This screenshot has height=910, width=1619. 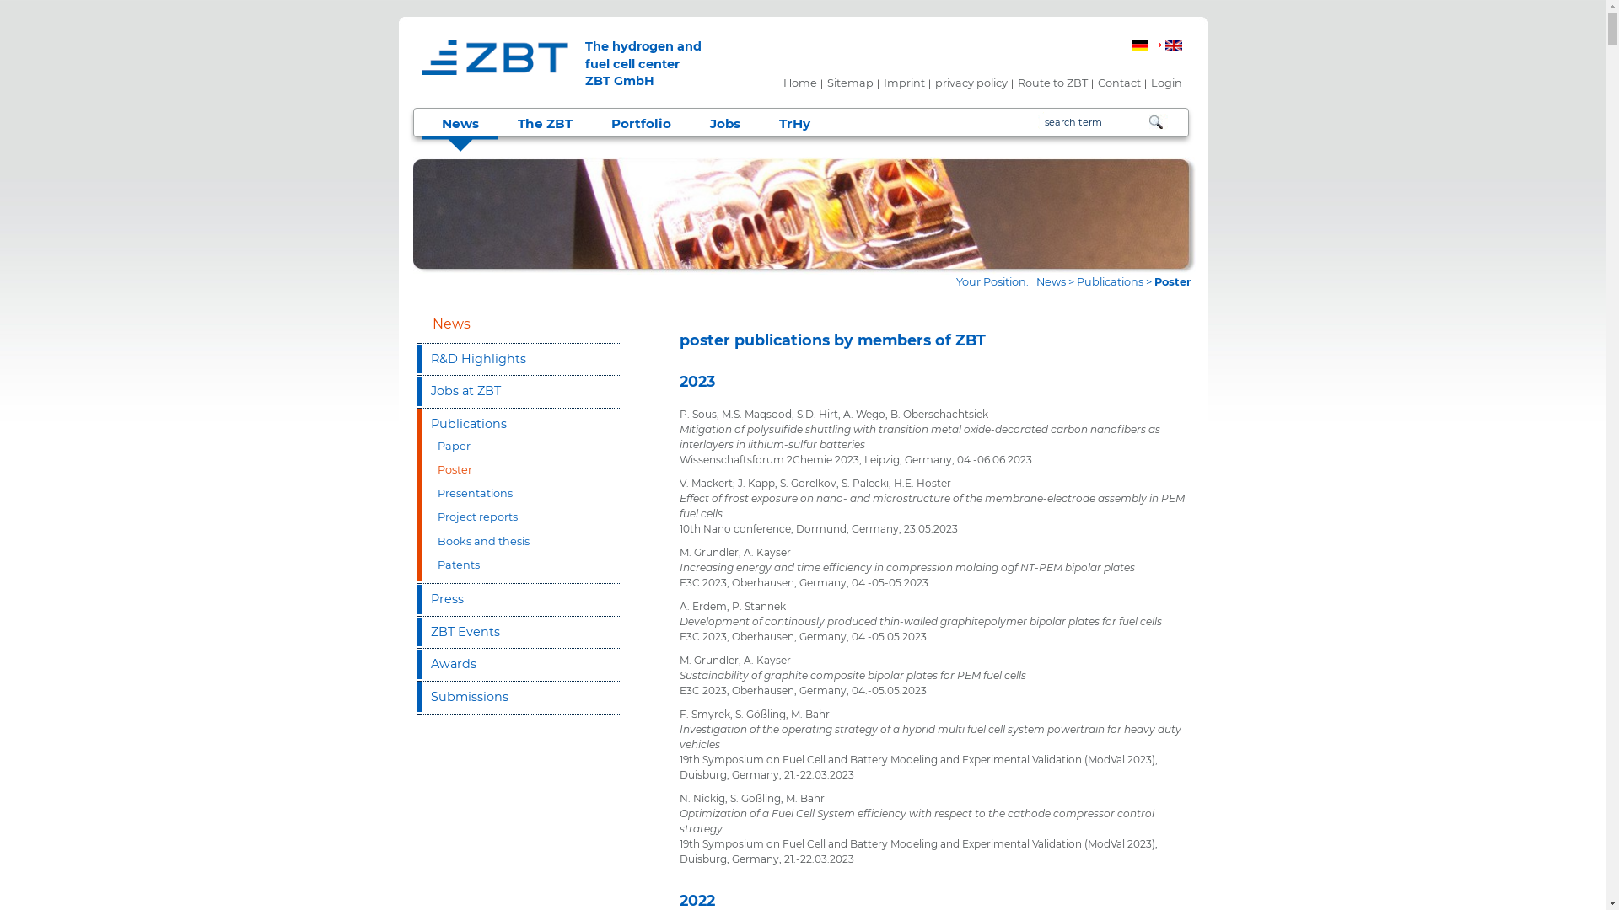 What do you see at coordinates (514, 569) in the screenshot?
I see `'Patents'` at bounding box center [514, 569].